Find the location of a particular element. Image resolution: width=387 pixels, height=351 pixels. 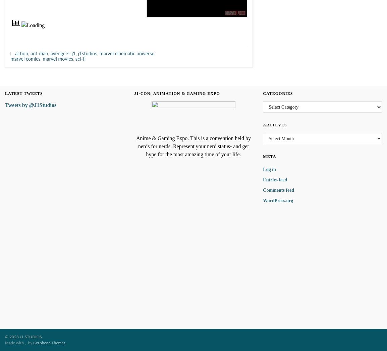

'J1-Con: Animation & Gaming Expo' is located at coordinates (177, 94).